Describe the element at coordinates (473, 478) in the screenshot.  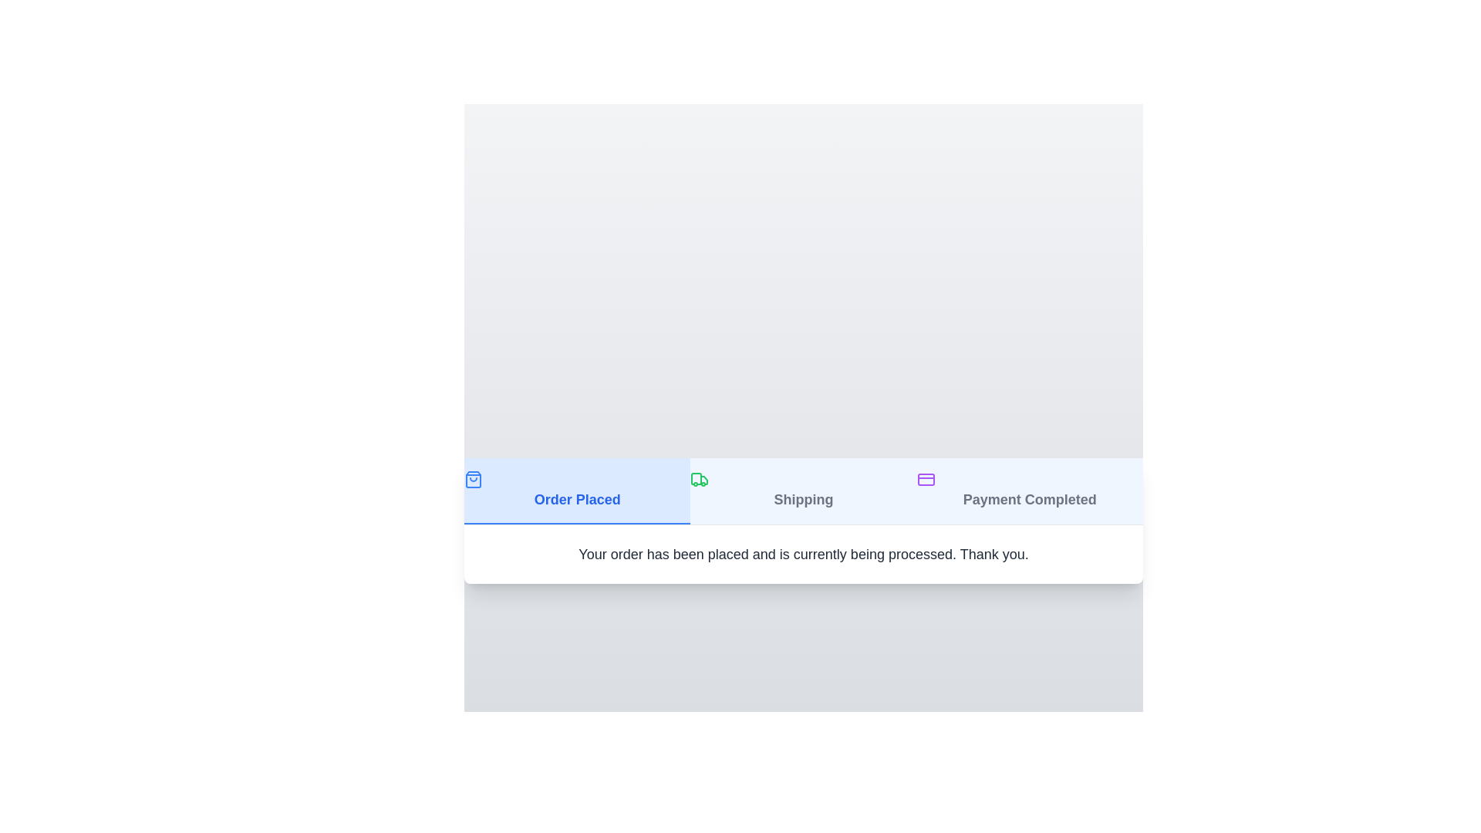
I see `the graphical icon of the Order Placed tab` at that location.